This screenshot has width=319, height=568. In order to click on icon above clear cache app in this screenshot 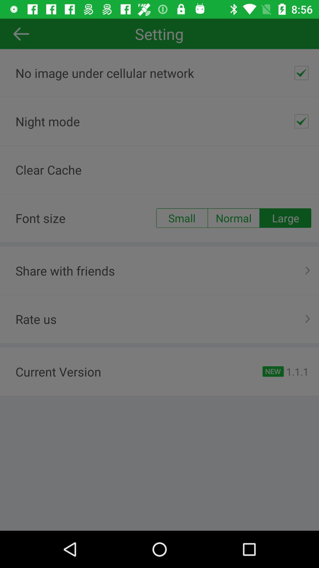, I will do `click(301, 121)`.